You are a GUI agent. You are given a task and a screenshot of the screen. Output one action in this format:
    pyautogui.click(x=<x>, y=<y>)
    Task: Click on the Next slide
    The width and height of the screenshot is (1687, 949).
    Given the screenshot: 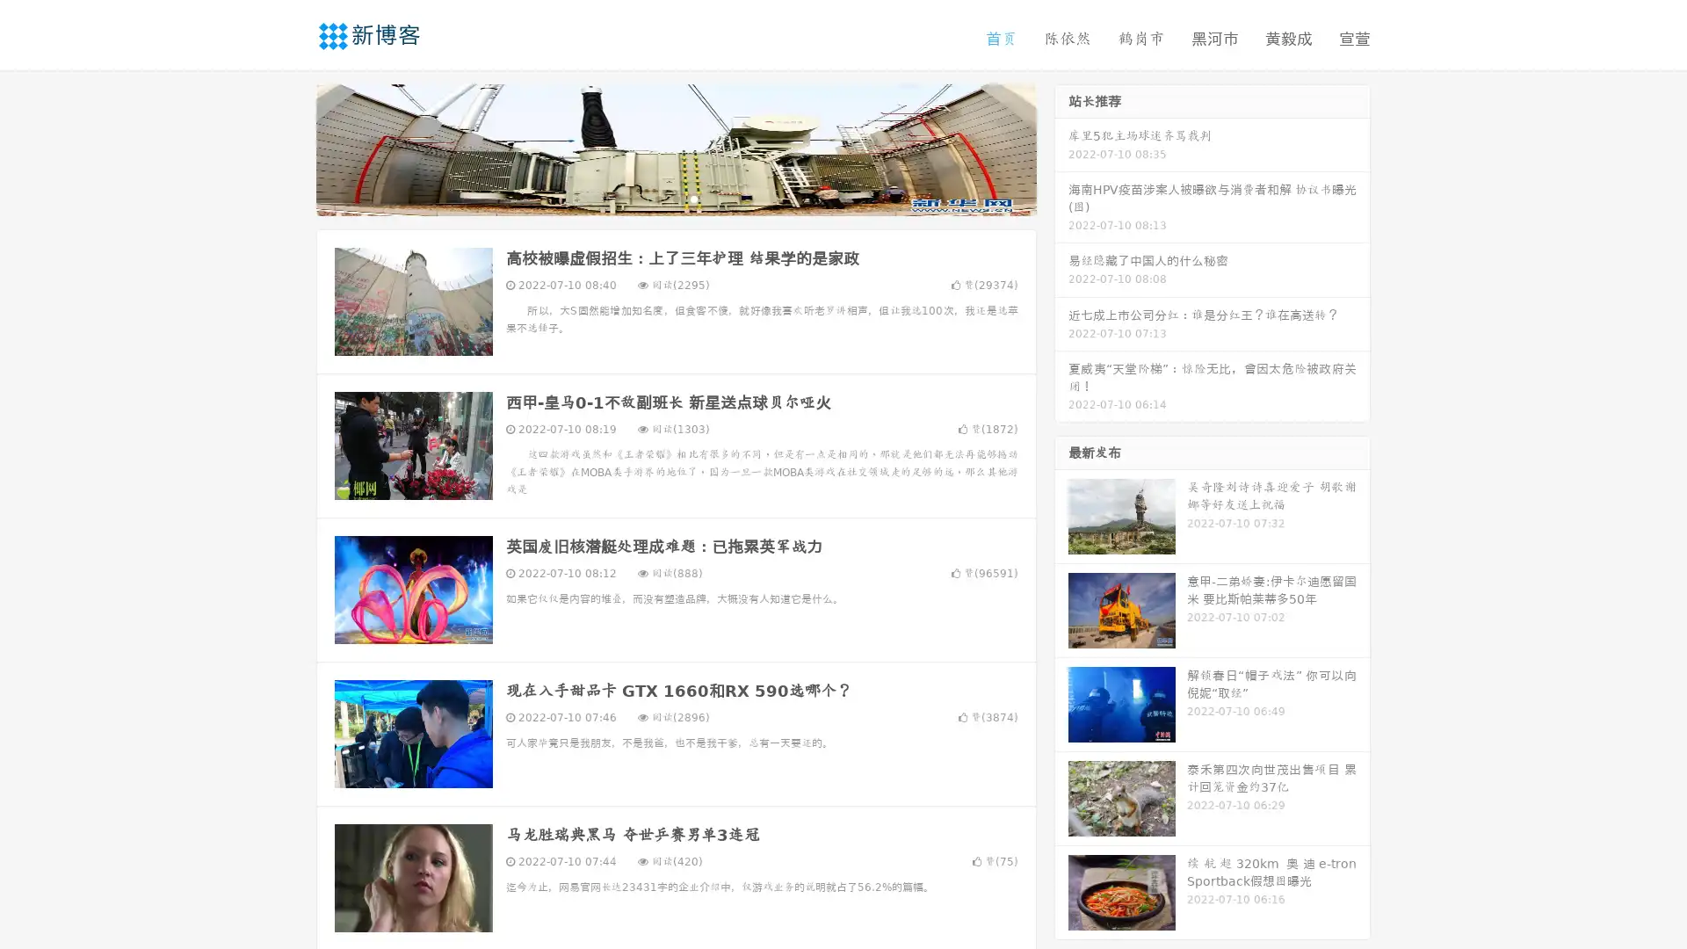 What is the action you would take?
    pyautogui.click(x=1061, y=148)
    